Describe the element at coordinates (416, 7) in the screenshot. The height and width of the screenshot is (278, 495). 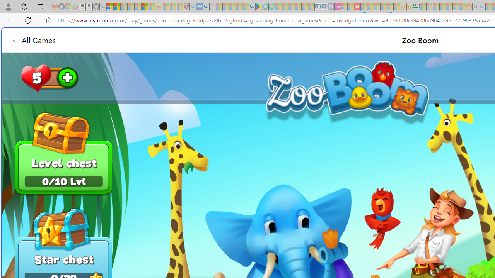
I see `'DITOGAMES AG Imprint'` at that location.